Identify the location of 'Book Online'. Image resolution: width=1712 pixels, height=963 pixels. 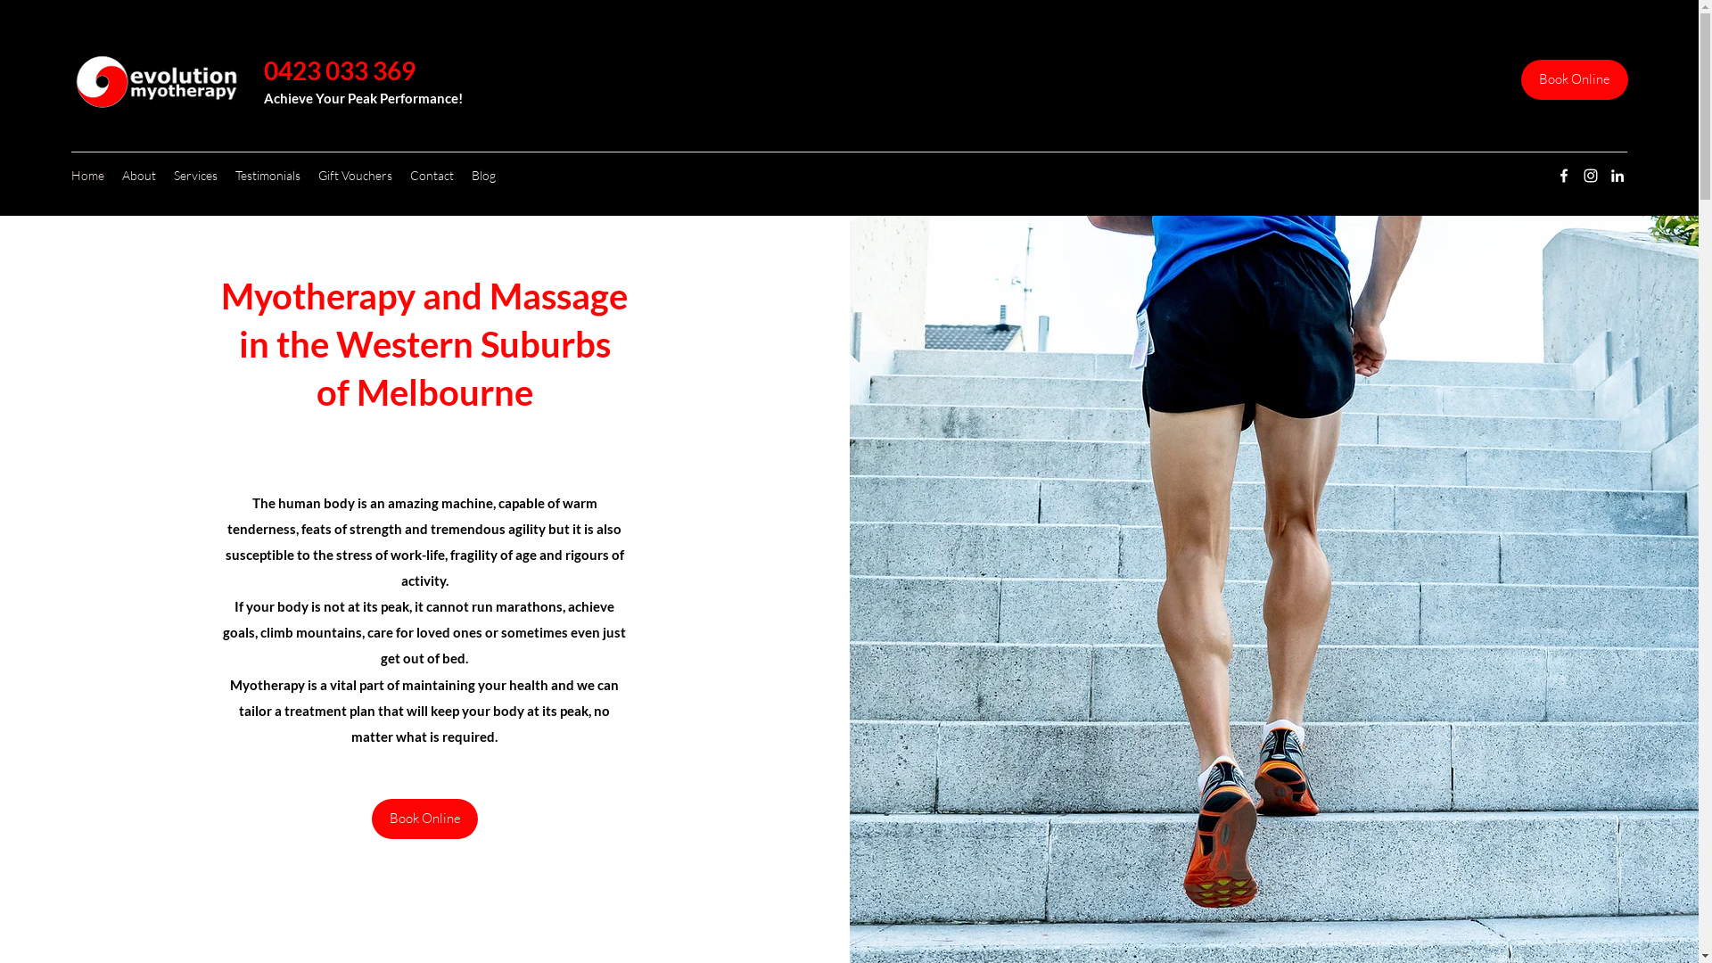
(1575, 78).